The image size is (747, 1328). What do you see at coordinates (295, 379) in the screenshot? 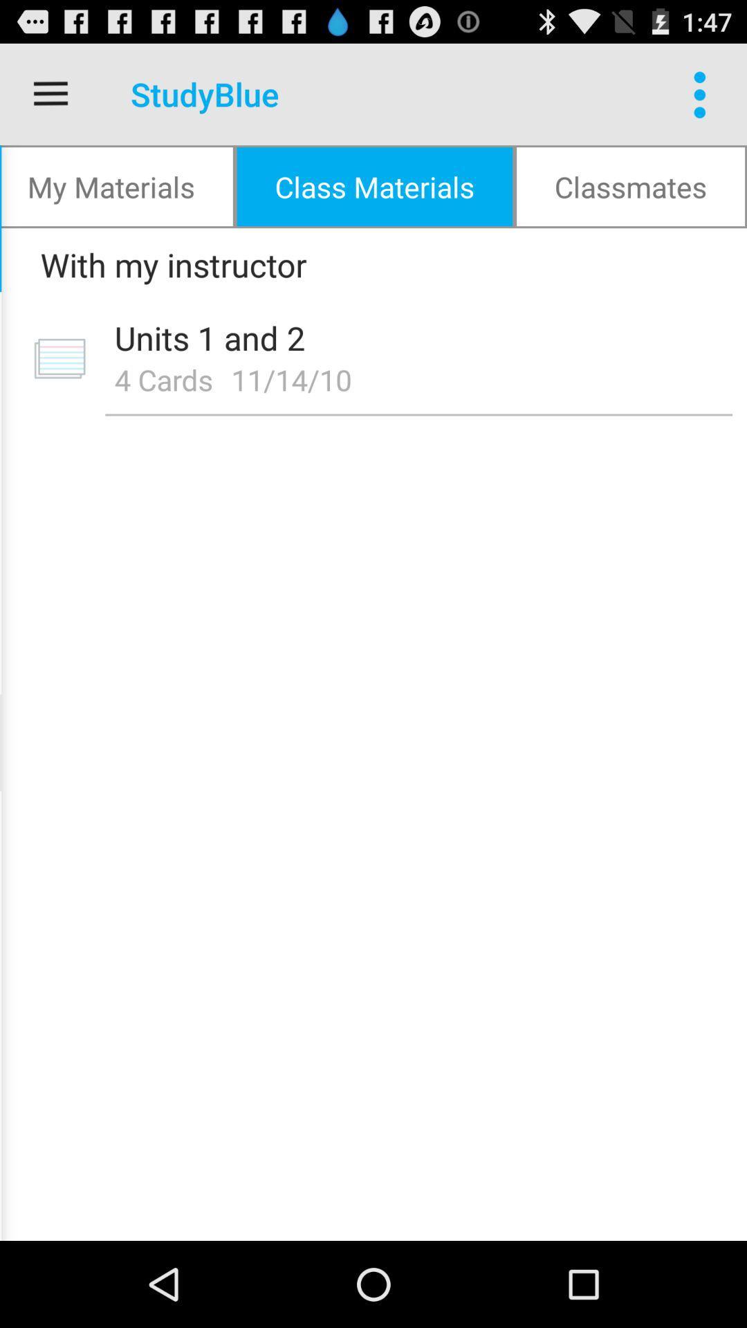
I see `the icon next to 4 cards item` at bounding box center [295, 379].